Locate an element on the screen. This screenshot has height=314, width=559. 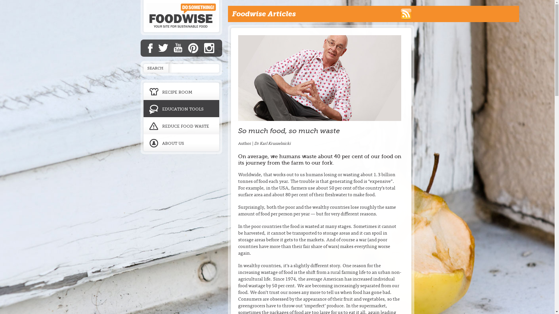
'EDUCATION TOOLS' is located at coordinates (181, 108).